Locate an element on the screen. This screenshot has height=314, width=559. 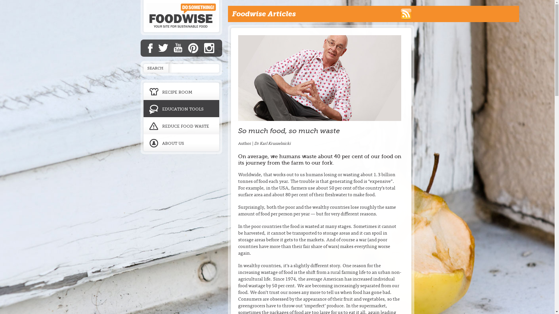
'EDUCATION TOOLS' is located at coordinates (181, 108).